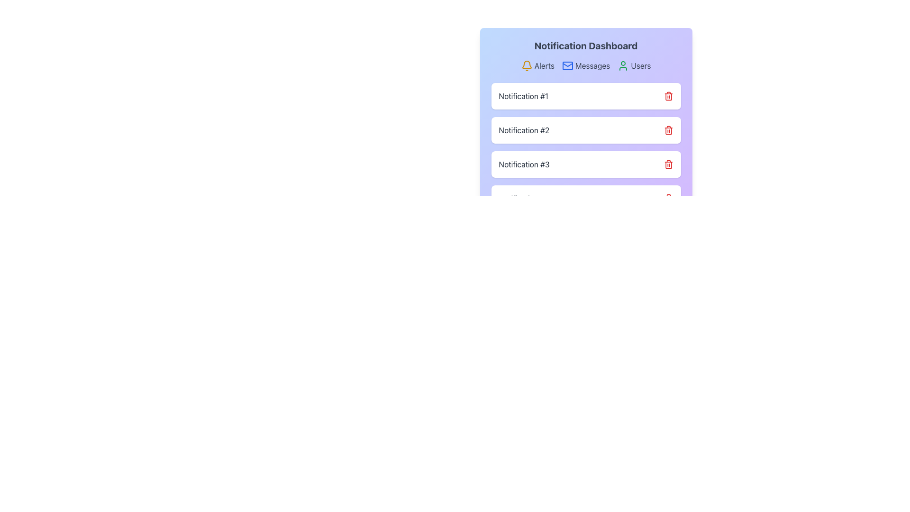 The image size is (910, 512). What do you see at coordinates (585, 65) in the screenshot?
I see `the 'Messages' navigation button located in the horizontal navigation bar at the top center of the interface` at bounding box center [585, 65].